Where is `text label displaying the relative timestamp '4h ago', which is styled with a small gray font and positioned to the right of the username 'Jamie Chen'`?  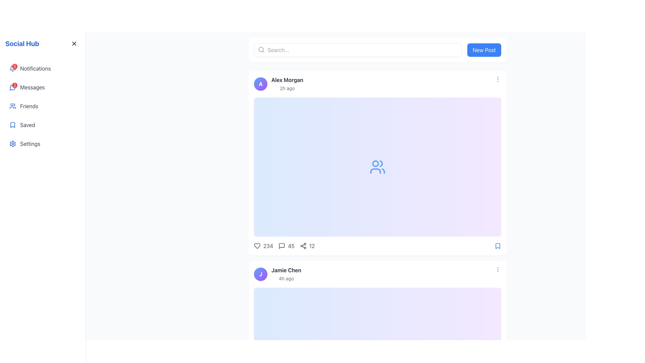 text label displaying the relative timestamp '4h ago', which is styled with a small gray font and positioned to the right of the username 'Jamie Chen' is located at coordinates (286, 278).